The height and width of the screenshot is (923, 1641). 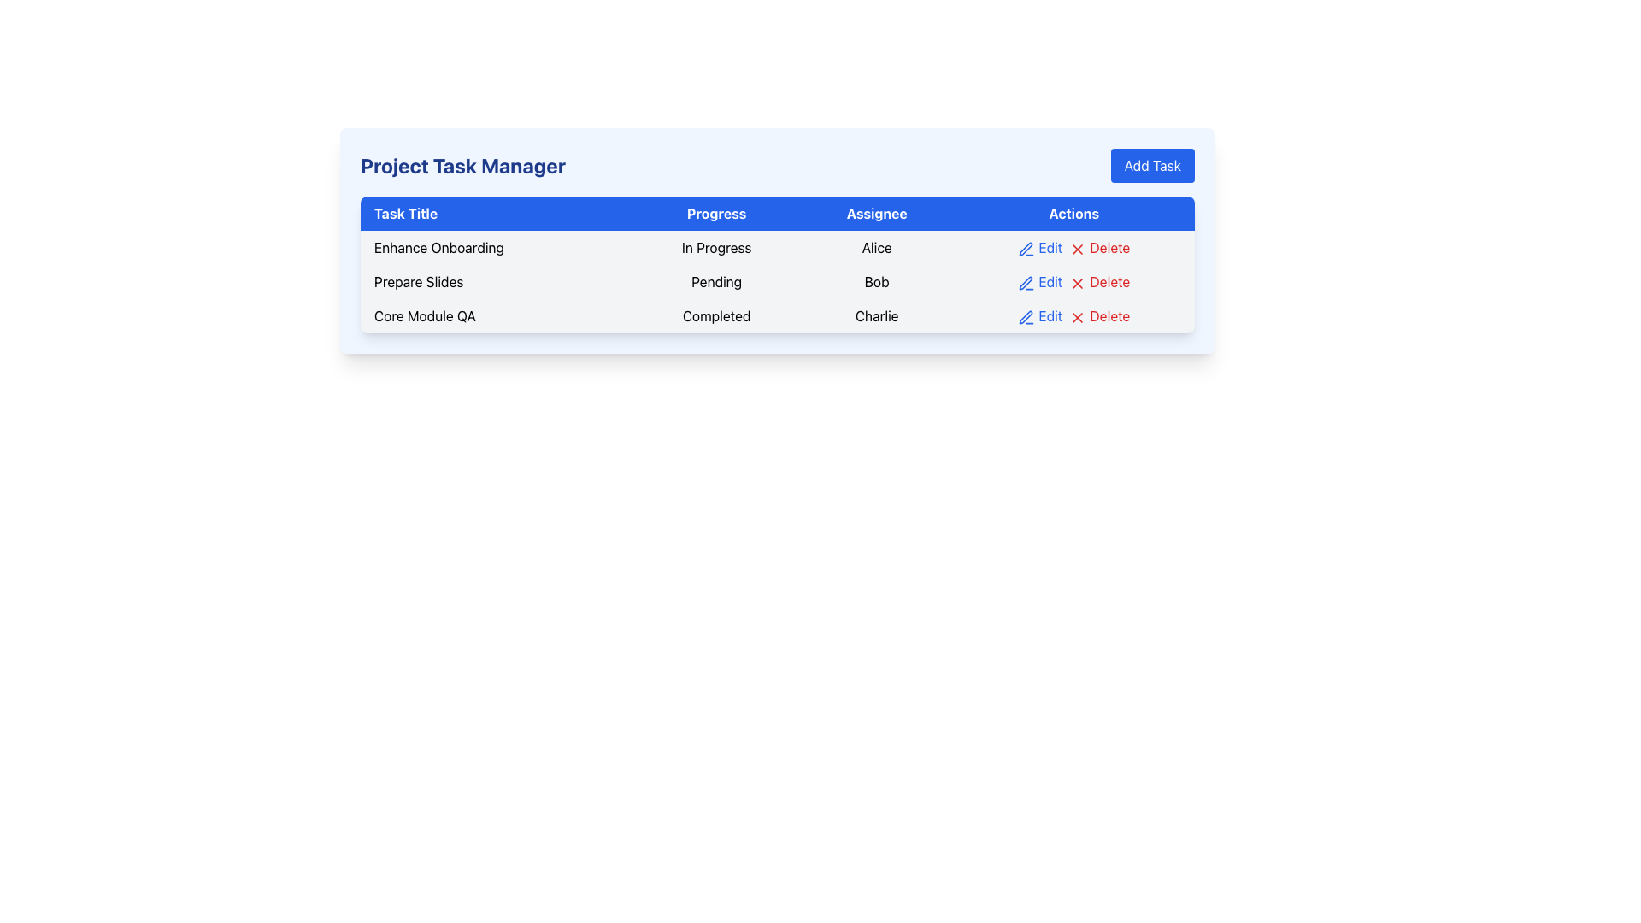 What do you see at coordinates (1099, 316) in the screenshot?
I see `the 'Delete' button with red text and a cross icon located in the 'Actions' column of the last row of the table` at bounding box center [1099, 316].